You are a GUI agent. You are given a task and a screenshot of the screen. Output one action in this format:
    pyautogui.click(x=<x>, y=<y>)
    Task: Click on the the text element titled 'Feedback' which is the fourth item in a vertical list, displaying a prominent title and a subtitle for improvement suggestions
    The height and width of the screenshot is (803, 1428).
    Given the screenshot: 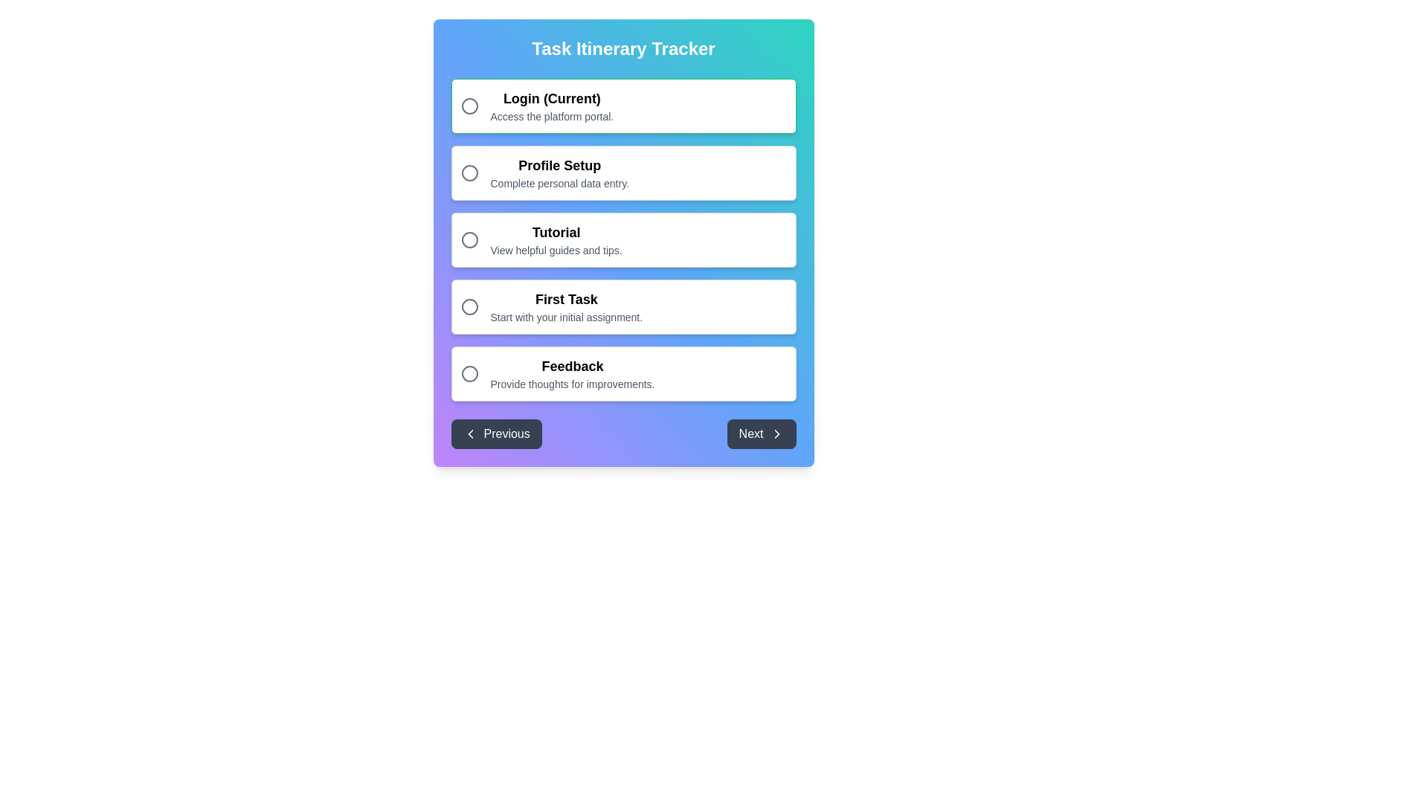 What is the action you would take?
    pyautogui.click(x=571, y=373)
    